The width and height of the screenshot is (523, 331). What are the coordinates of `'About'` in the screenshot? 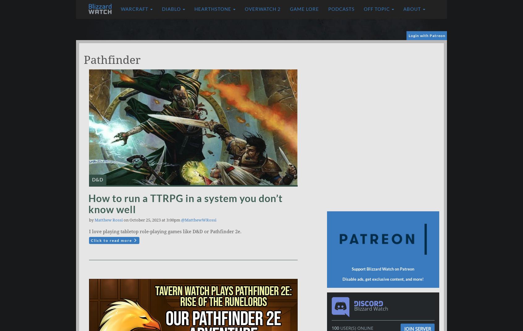 It's located at (412, 9).